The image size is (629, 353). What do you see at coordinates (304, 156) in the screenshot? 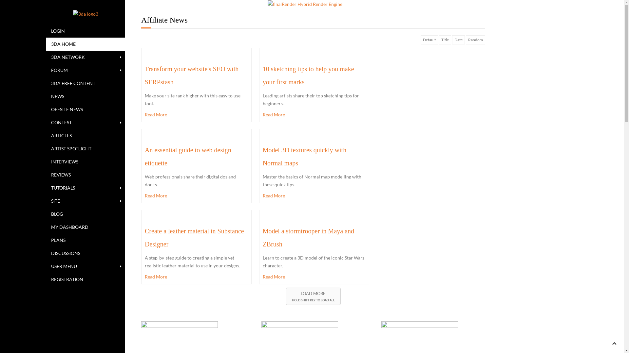
I see `'Model 3D textures quickly with Normal maps'` at bounding box center [304, 156].